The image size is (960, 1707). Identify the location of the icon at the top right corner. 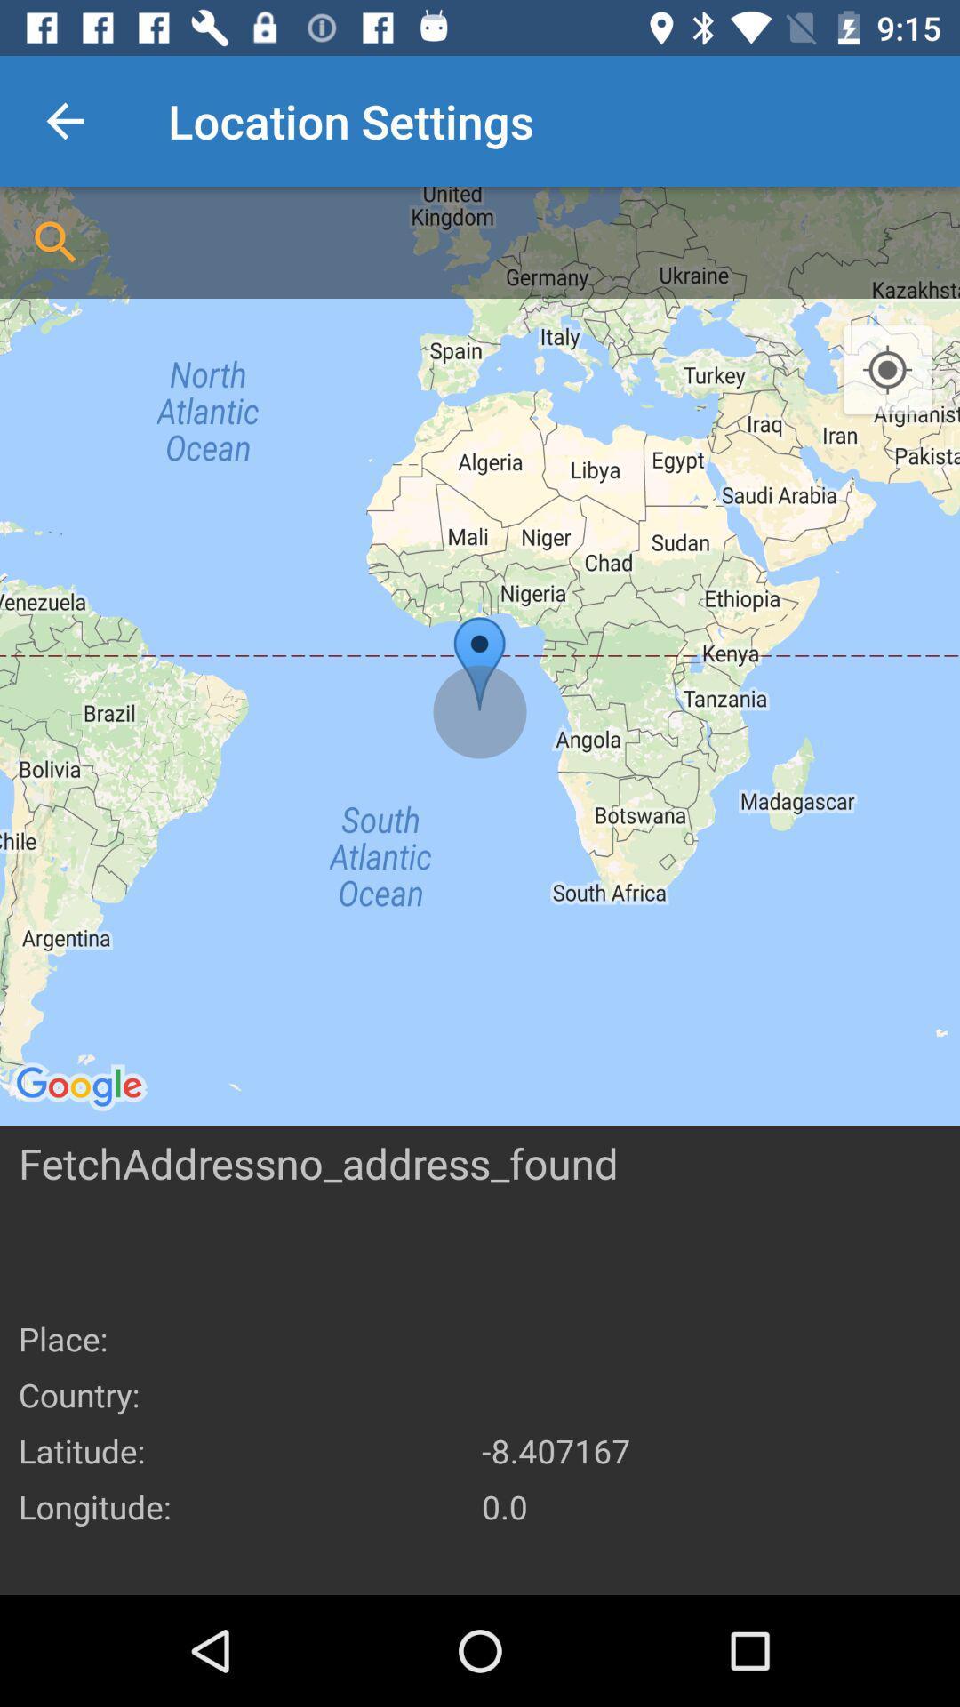
(887, 370).